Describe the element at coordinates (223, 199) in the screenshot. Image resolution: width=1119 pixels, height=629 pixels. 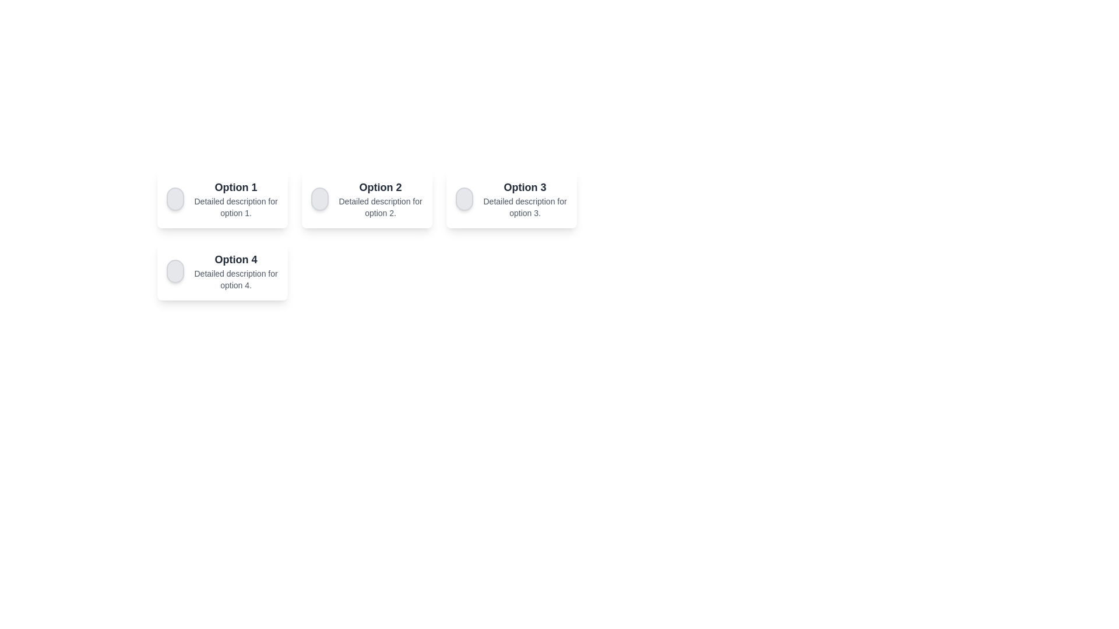
I see `the top-left list item with an icon and text, which provides a detailed description for option 1` at that location.